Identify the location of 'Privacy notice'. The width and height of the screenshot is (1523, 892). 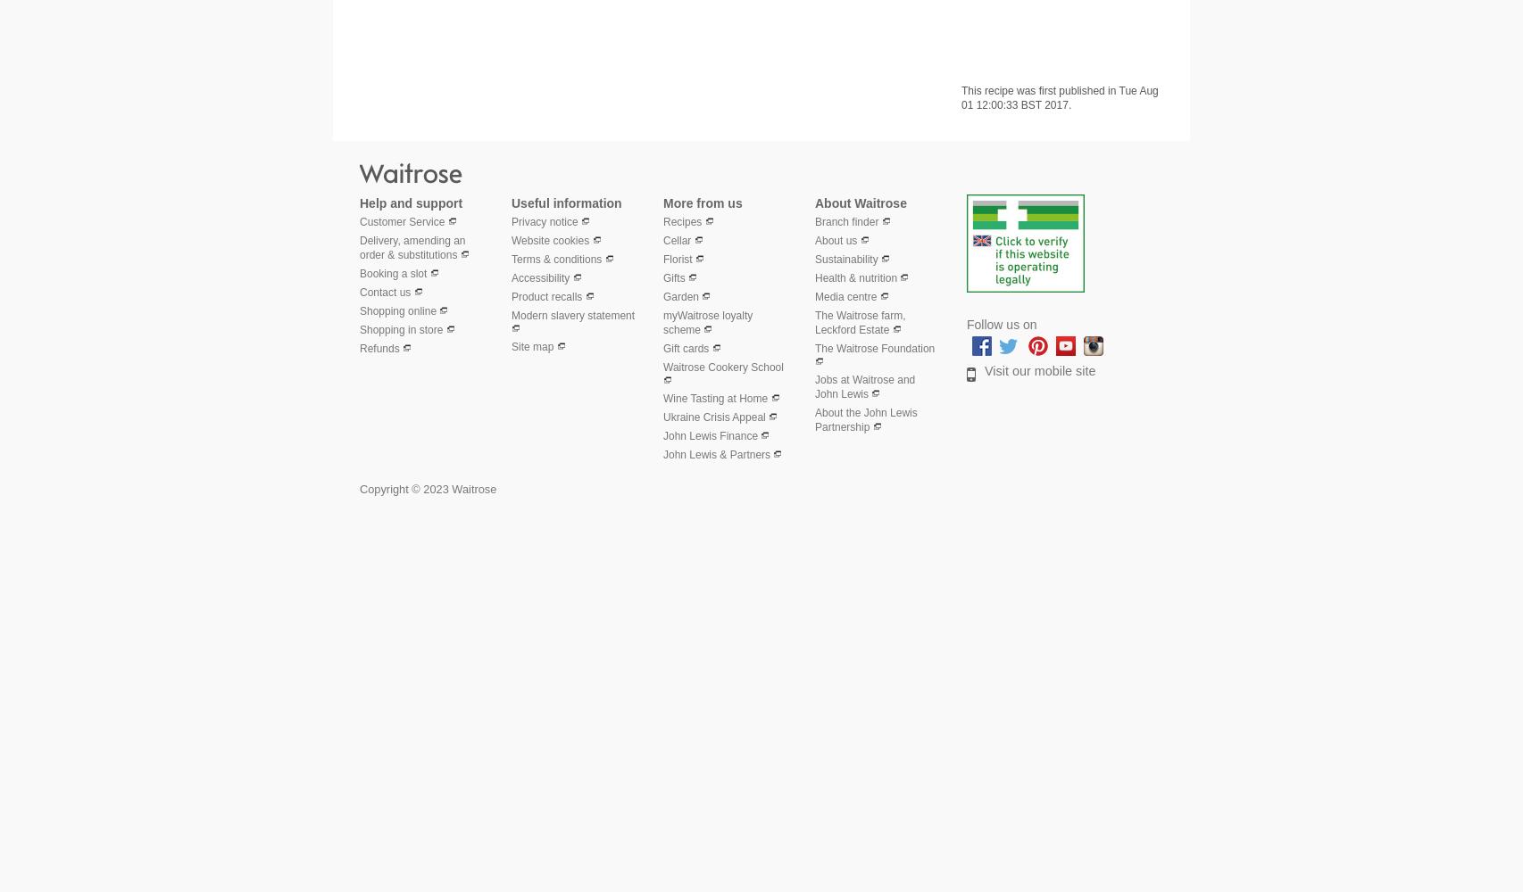
(544, 220).